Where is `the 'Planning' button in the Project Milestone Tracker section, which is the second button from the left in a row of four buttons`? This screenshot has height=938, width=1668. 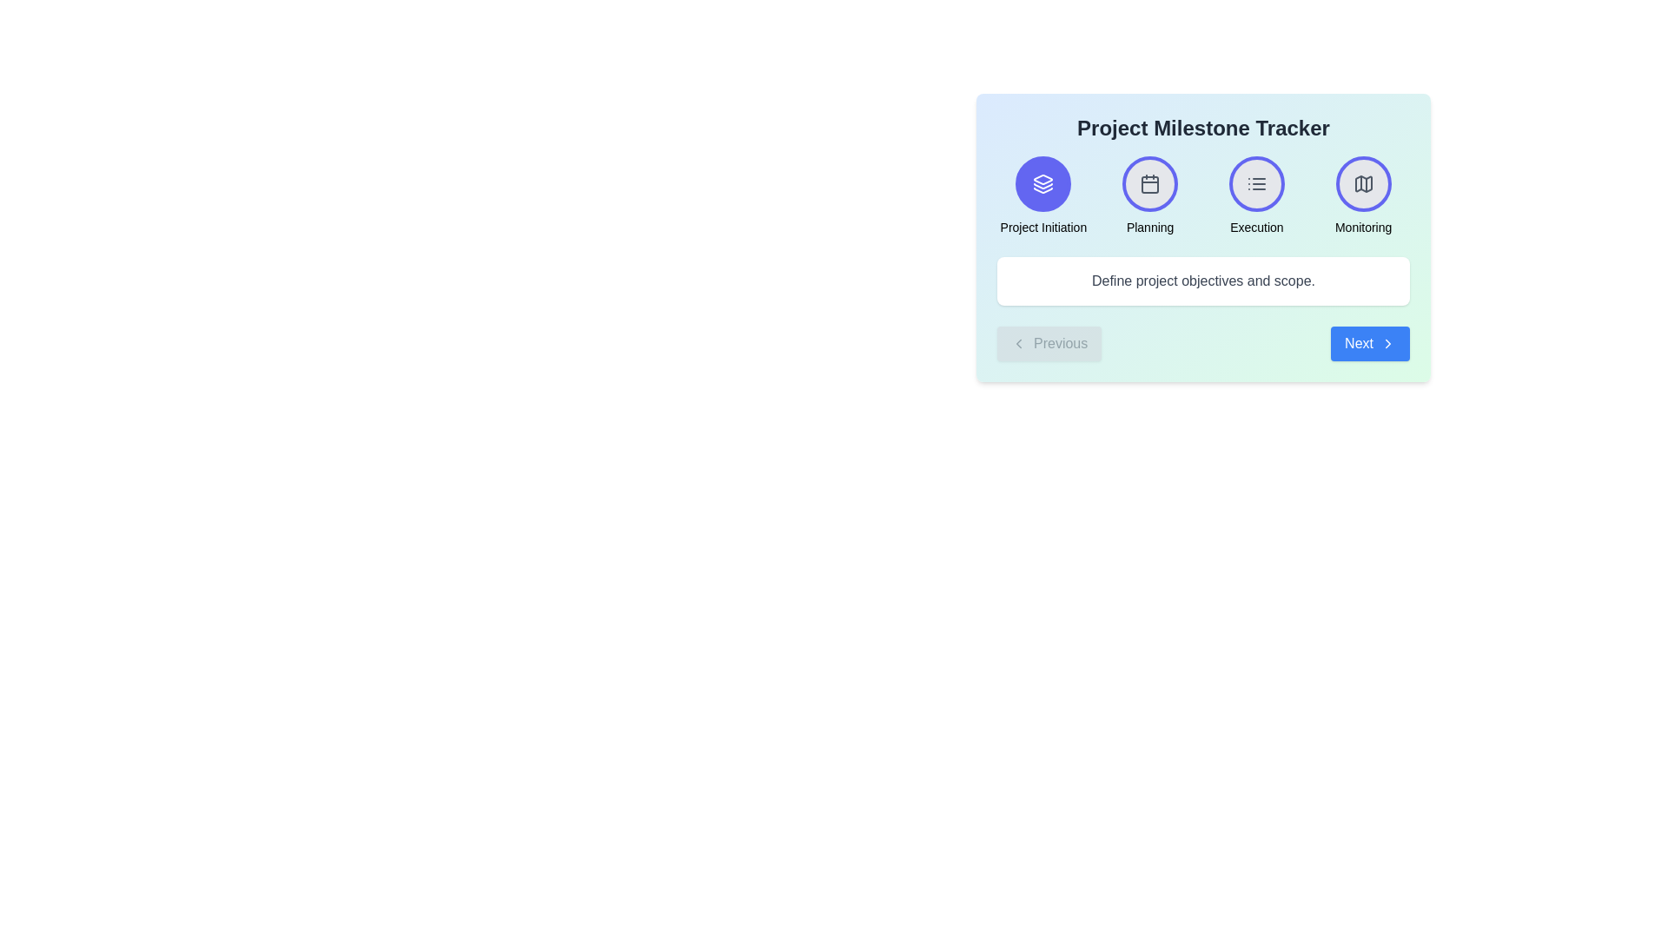
the 'Planning' button in the Project Milestone Tracker section, which is the second button from the left in a row of four buttons is located at coordinates (1150, 184).